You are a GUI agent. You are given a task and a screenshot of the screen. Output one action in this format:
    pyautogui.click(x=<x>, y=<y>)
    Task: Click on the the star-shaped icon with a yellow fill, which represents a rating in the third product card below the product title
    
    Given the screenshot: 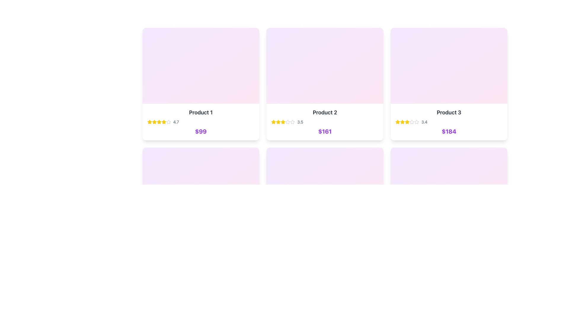 What is the action you would take?
    pyautogui.click(x=397, y=121)
    